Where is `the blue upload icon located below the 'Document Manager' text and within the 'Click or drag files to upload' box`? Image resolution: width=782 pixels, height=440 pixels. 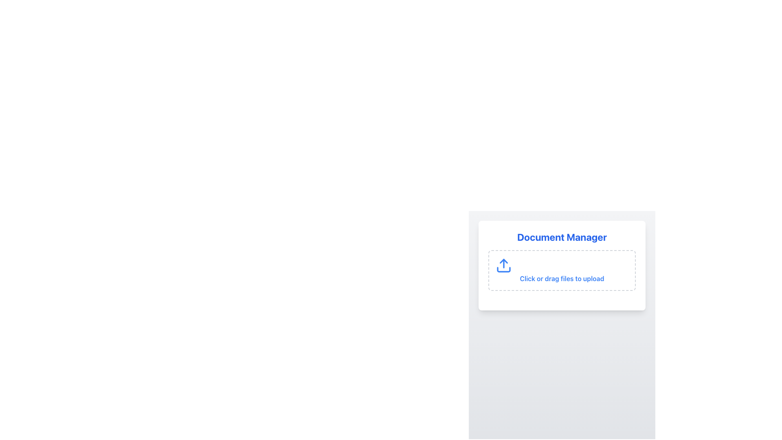
the blue upload icon located below the 'Document Manager' text and within the 'Click or drag files to upload' box is located at coordinates (503, 265).